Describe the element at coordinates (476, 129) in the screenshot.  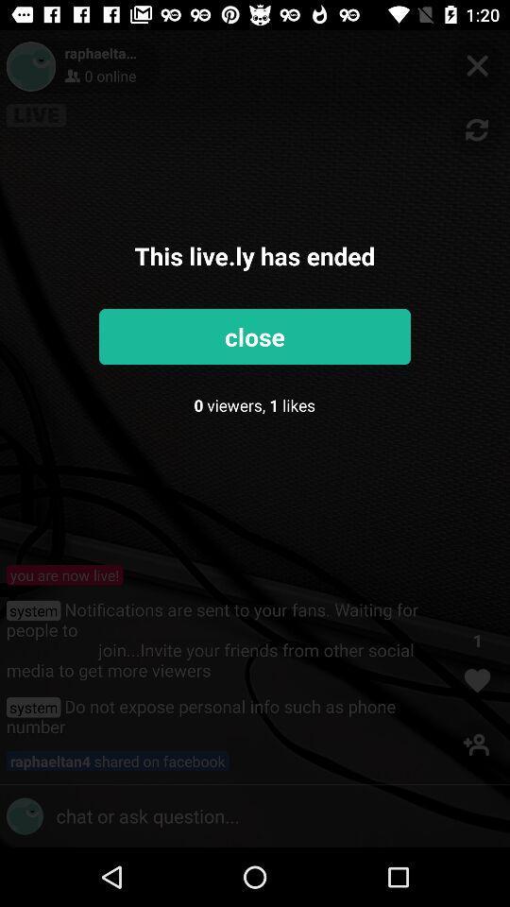
I see `the refresh icon` at that location.